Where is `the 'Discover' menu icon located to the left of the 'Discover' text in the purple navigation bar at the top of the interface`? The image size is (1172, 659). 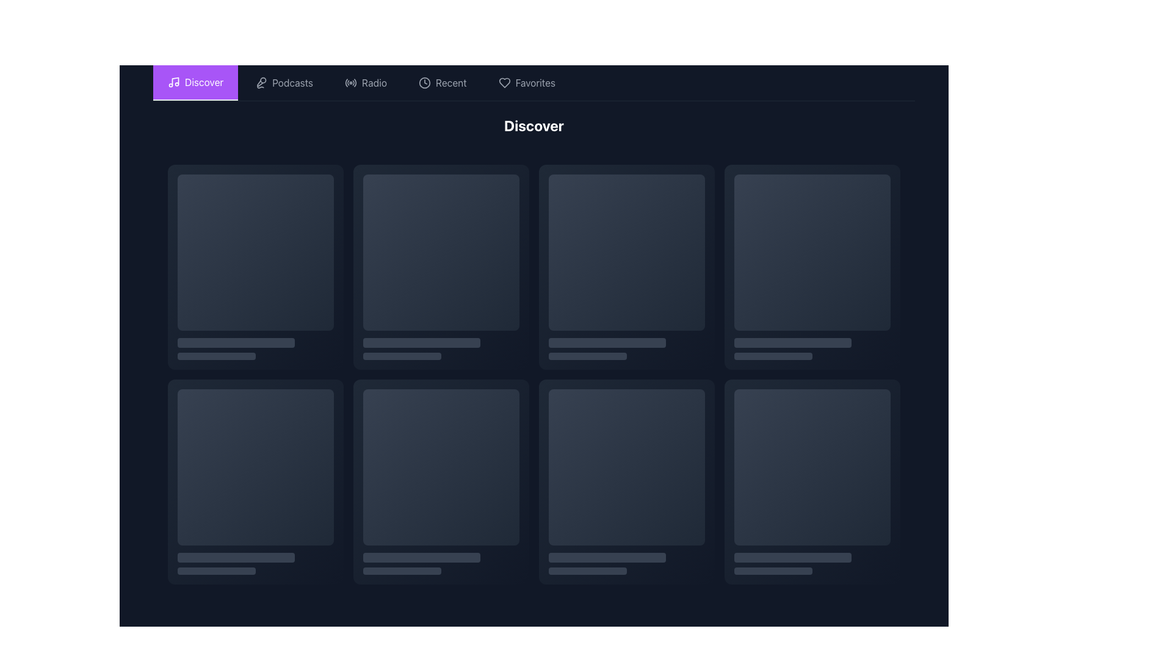
the 'Discover' menu icon located to the left of the 'Discover' text in the purple navigation bar at the top of the interface is located at coordinates (173, 82).